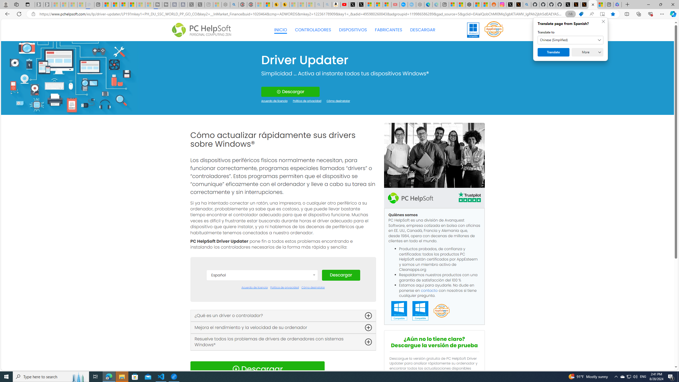 The image size is (679, 382). What do you see at coordinates (571, 40) in the screenshot?
I see `'Translate to'` at bounding box center [571, 40].